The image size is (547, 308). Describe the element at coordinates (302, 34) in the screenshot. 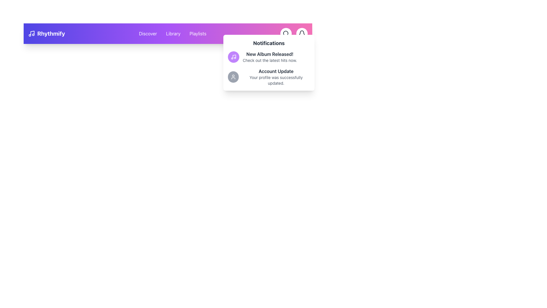

I see `the bell icon` at that location.